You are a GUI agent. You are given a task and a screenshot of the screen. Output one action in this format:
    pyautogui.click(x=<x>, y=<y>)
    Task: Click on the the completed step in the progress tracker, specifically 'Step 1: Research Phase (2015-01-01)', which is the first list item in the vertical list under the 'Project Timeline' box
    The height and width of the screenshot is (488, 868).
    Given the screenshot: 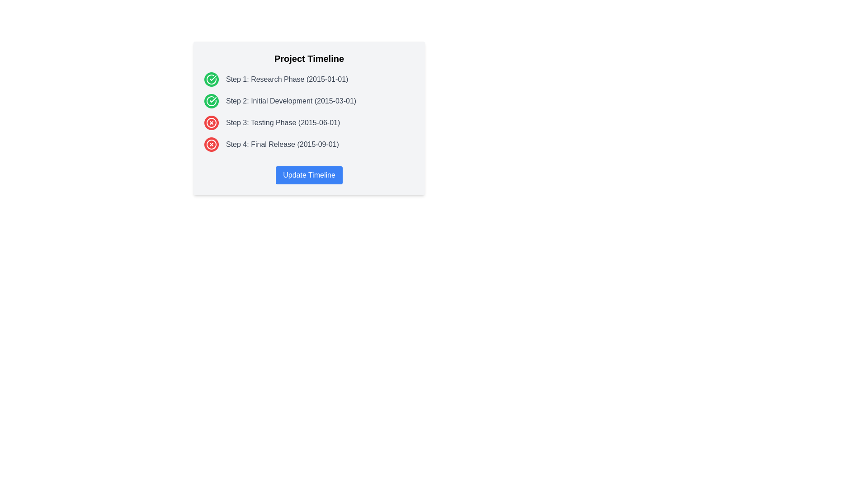 What is the action you would take?
    pyautogui.click(x=309, y=79)
    